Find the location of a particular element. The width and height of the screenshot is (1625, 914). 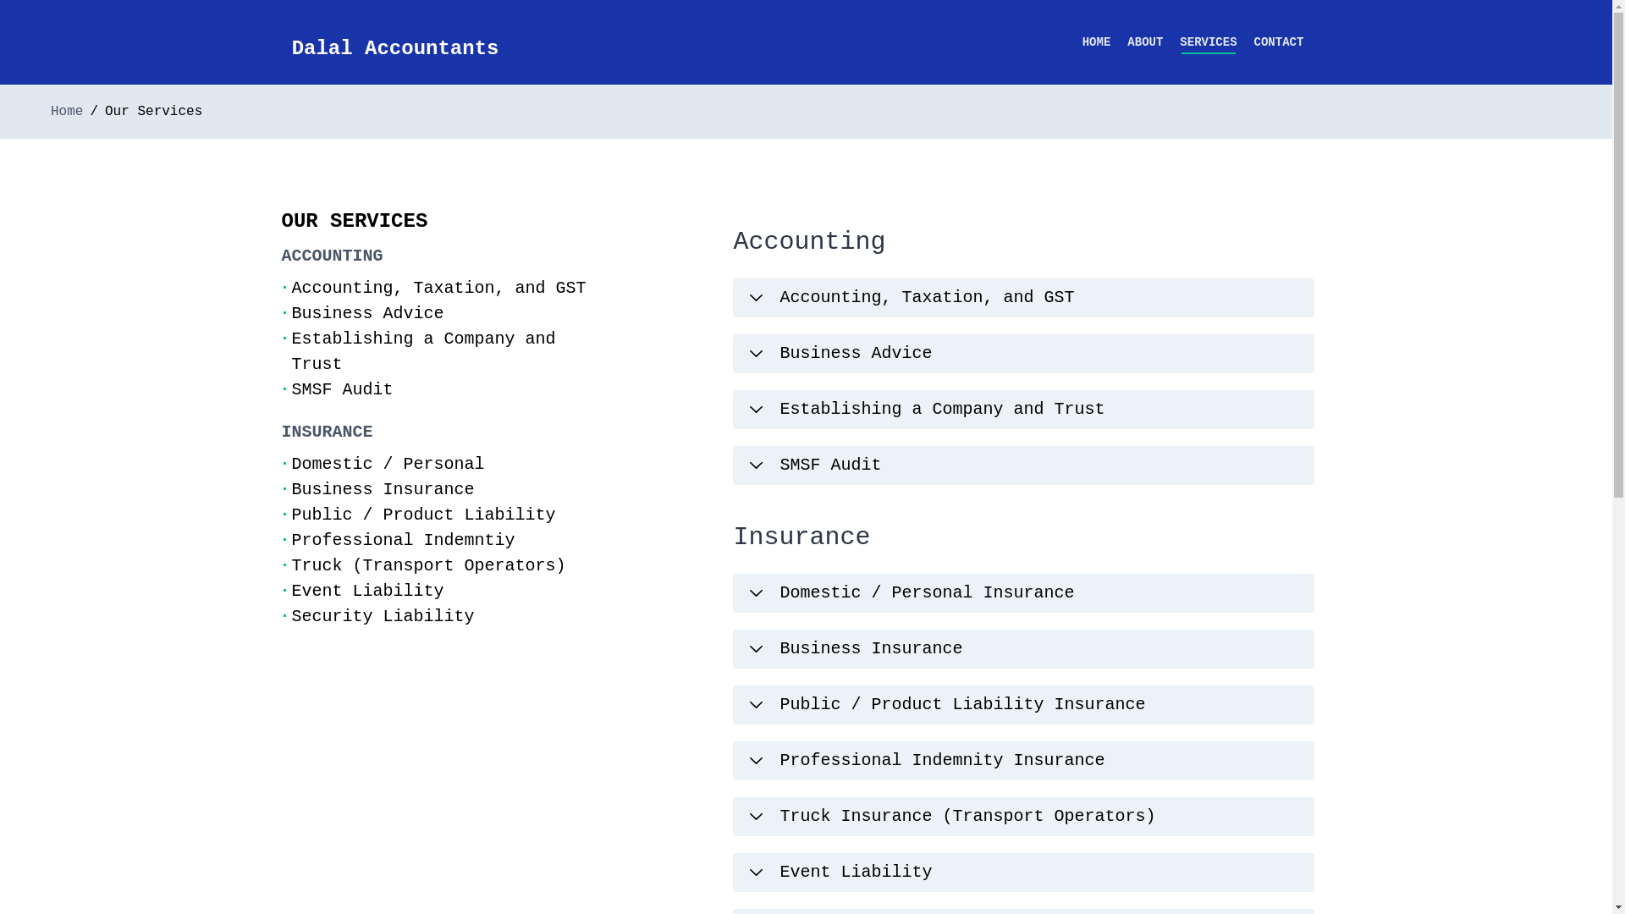

'ABOUT' is located at coordinates (1145, 41).